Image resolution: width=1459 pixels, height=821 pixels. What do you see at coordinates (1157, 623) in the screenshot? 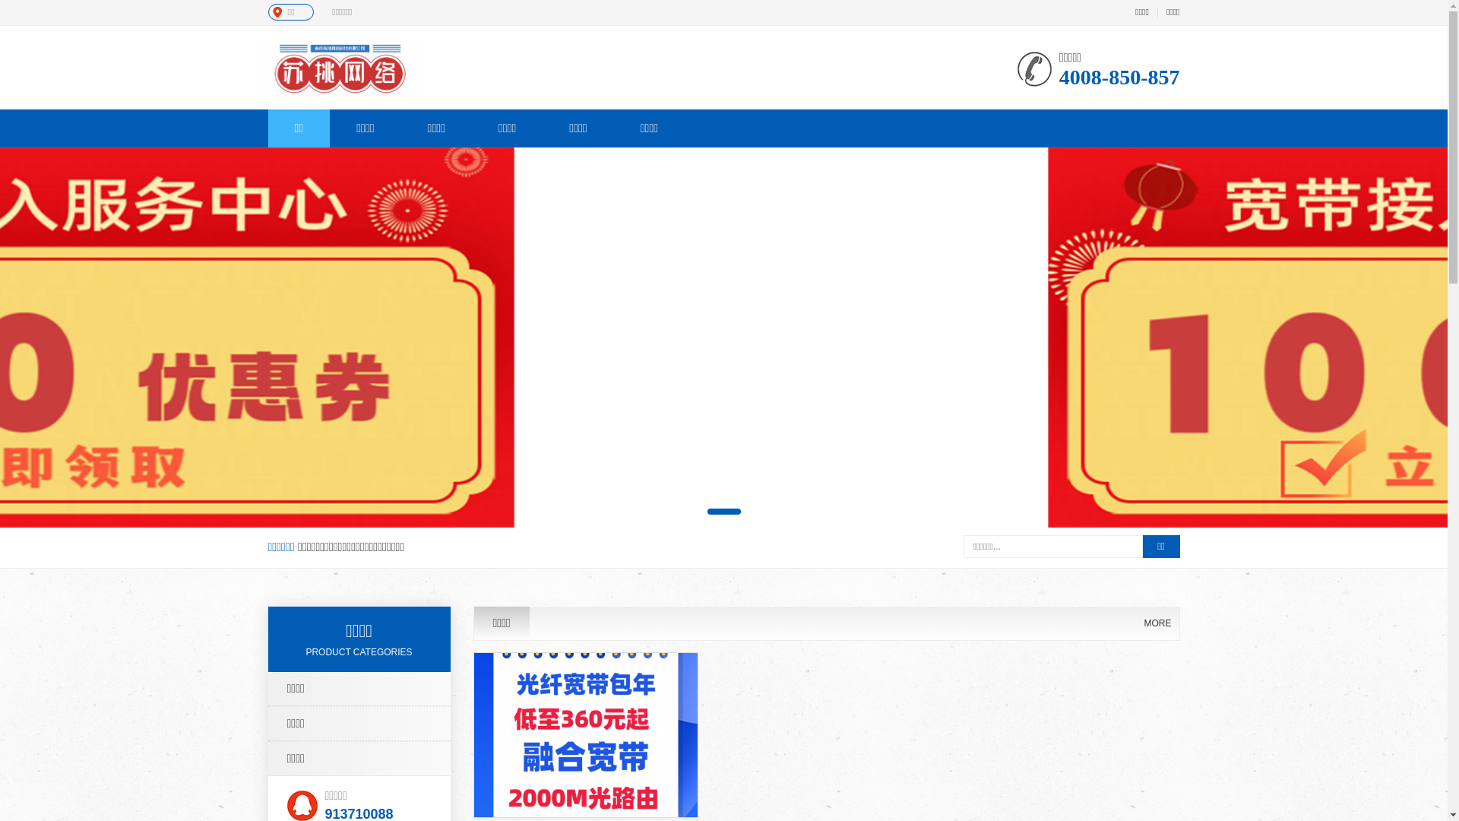
I see `'MORE'` at bounding box center [1157, 623].